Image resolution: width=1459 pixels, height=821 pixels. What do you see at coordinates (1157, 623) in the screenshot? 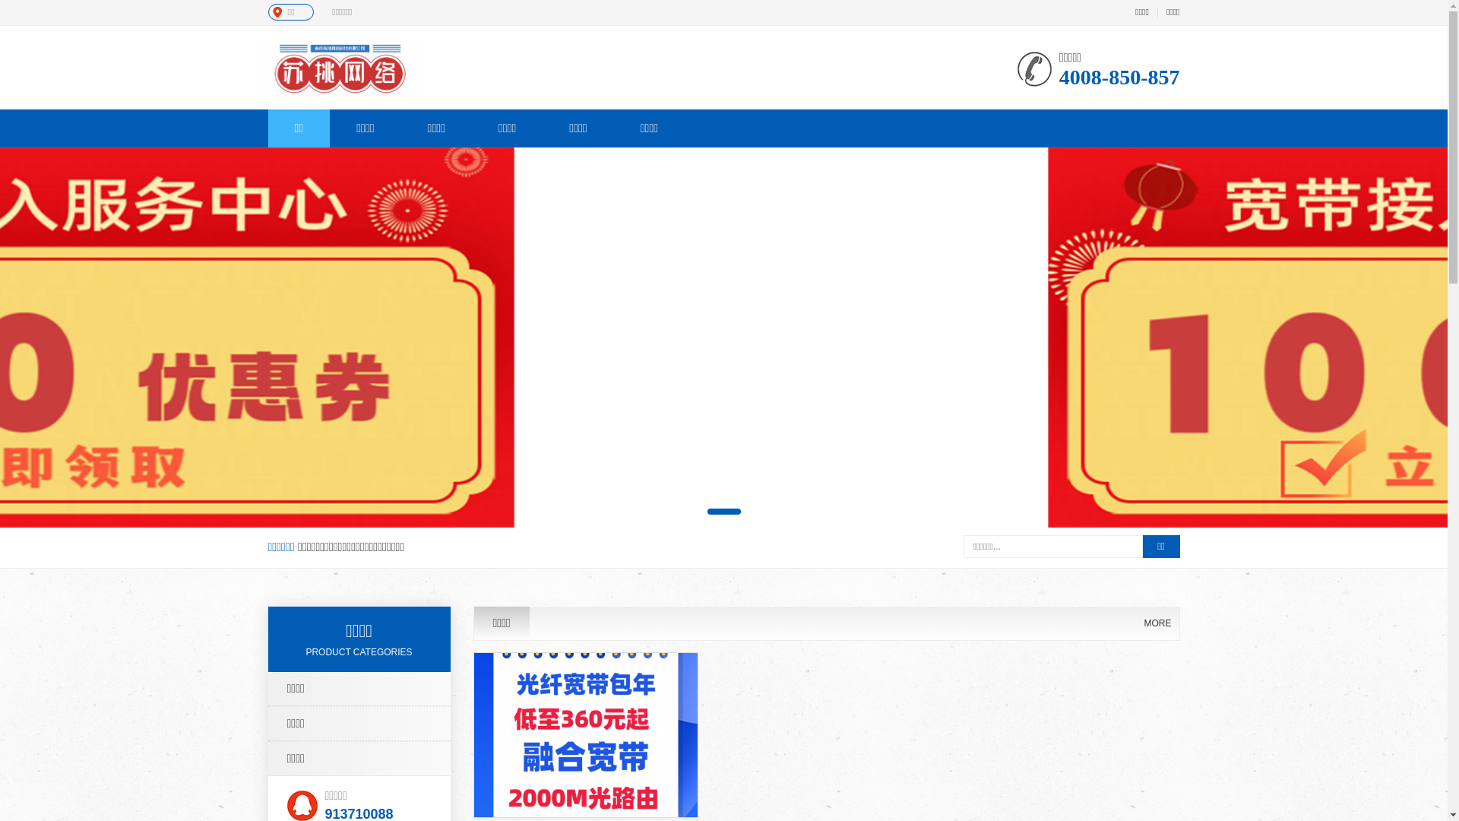
I see `'MORE'` at bounding box center [1157, 623].